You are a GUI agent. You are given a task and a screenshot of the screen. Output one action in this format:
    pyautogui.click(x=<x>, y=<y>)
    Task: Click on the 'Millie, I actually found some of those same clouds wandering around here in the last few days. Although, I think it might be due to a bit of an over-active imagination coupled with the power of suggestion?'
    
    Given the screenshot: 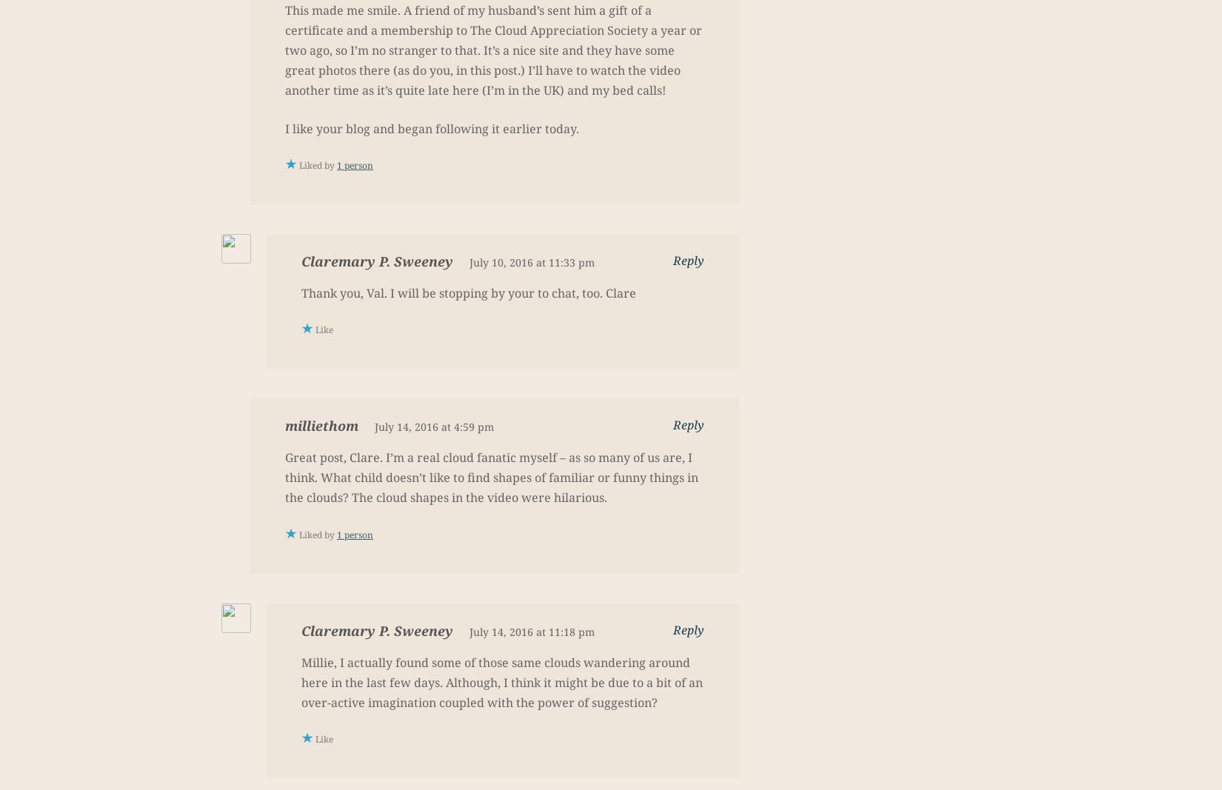 What is the action you would take?
    pyautogui.click(x=501, y=682)
    